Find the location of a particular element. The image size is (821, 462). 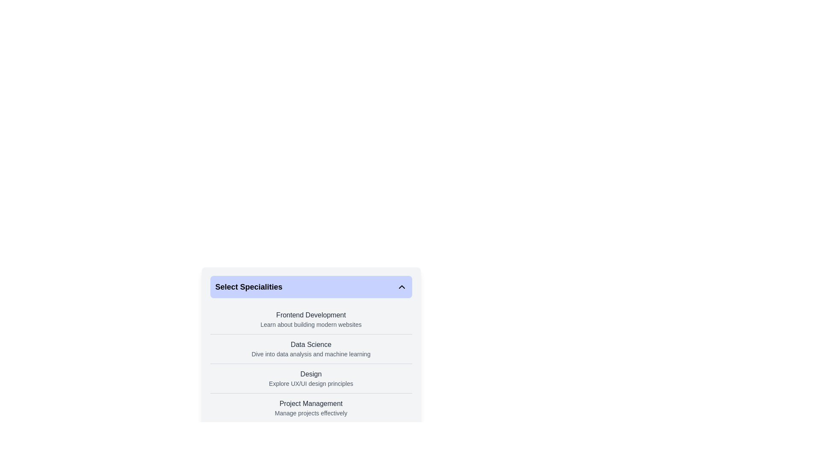

text label that says 'Manage projects effectively', which is styled in gray and located below the title 'Project Management' is located at coordinates (310, 412).